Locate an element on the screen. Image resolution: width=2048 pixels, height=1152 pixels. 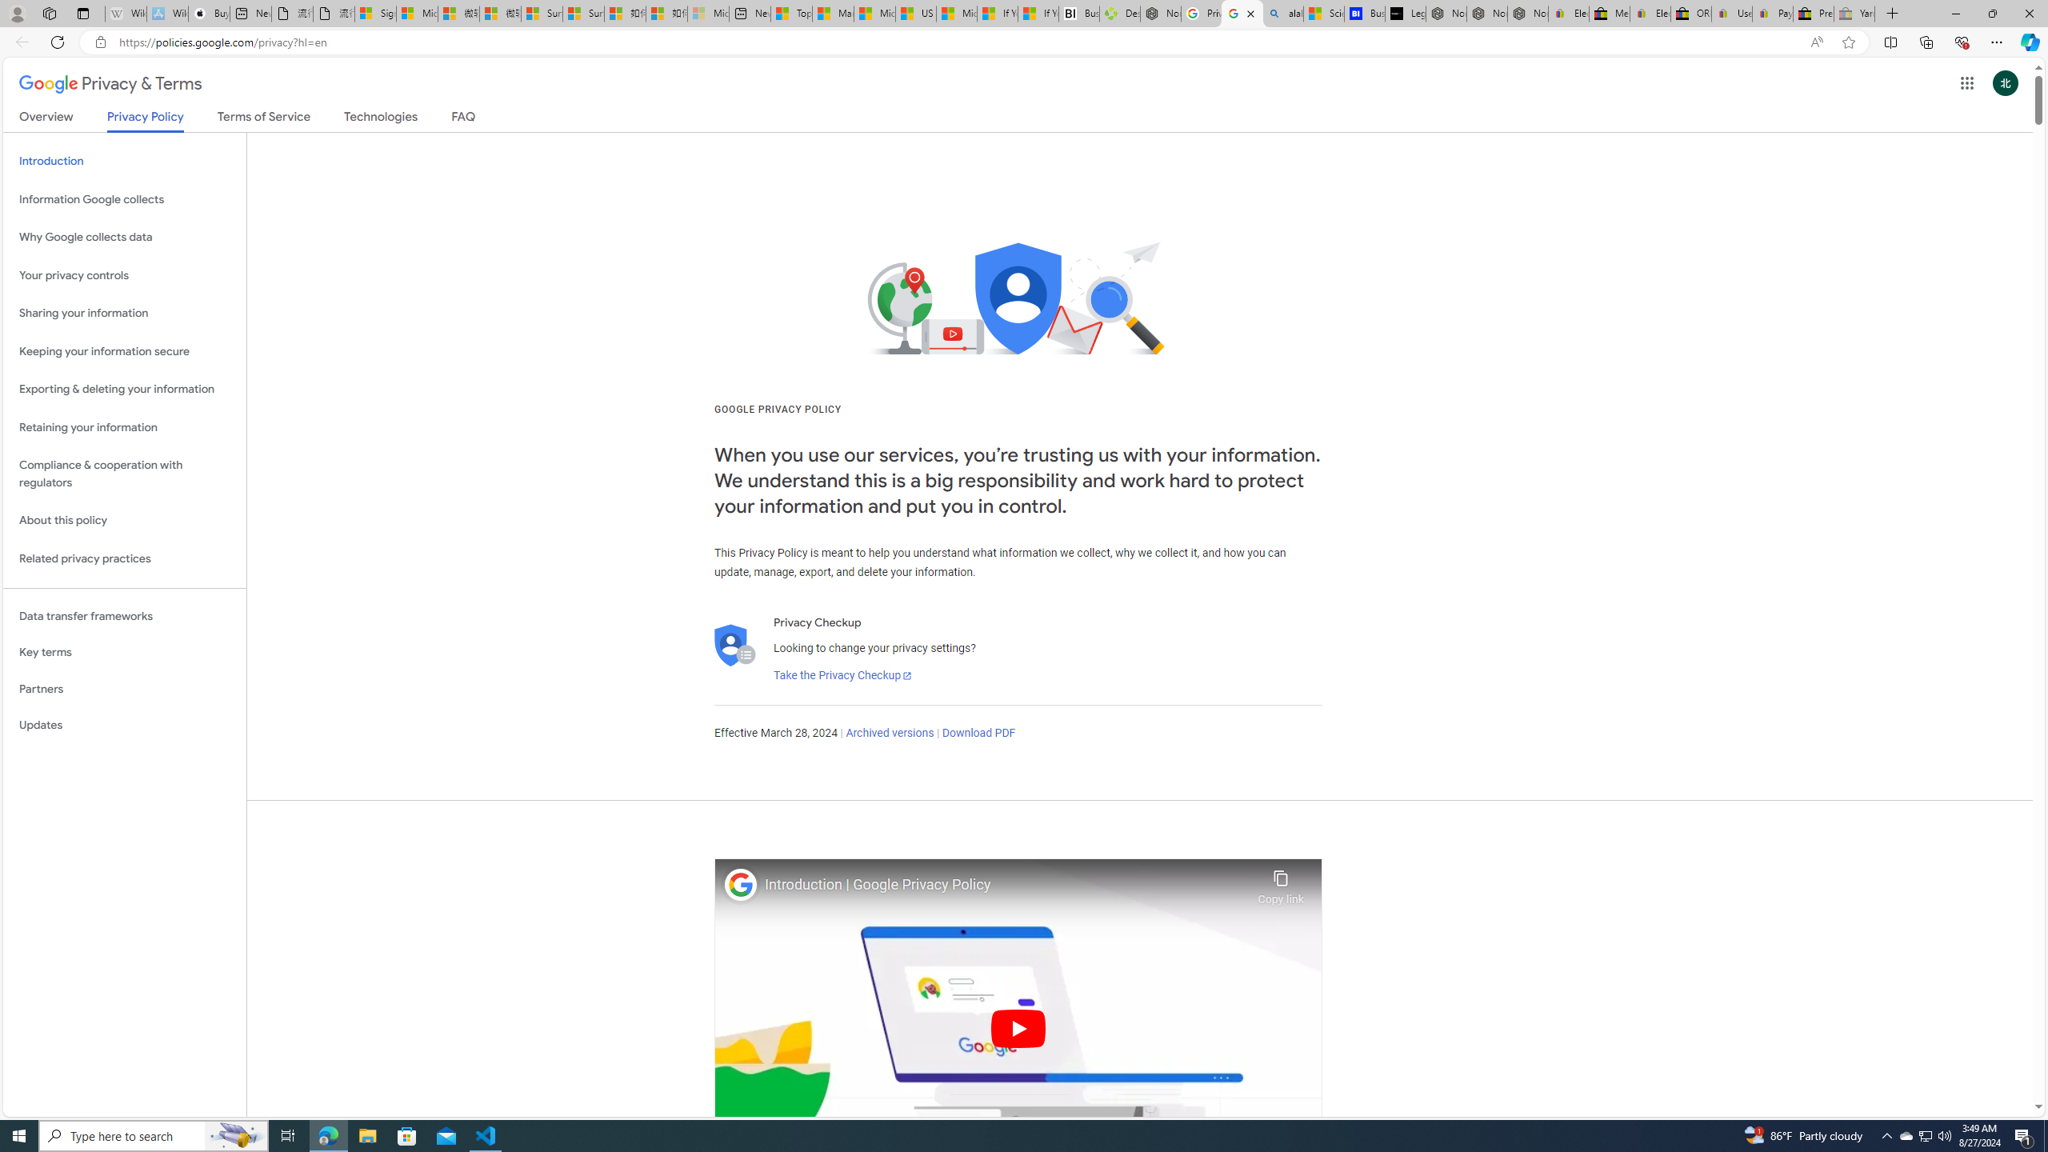
'Exporting & deleting your information' is located at coordinates (124, 389).